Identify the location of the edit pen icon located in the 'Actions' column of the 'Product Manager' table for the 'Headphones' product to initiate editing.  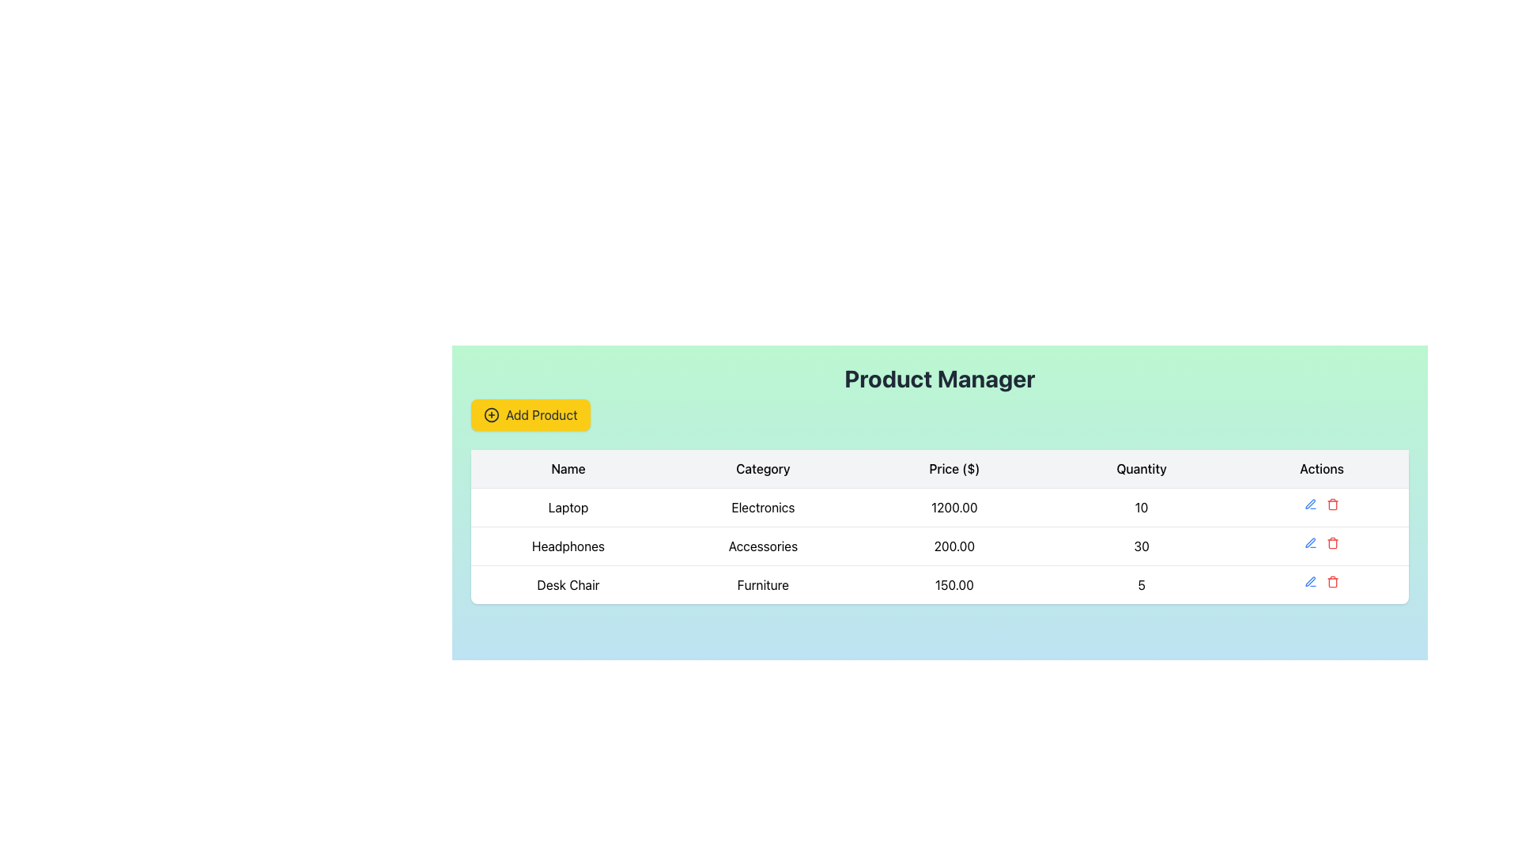
(1309, 581).